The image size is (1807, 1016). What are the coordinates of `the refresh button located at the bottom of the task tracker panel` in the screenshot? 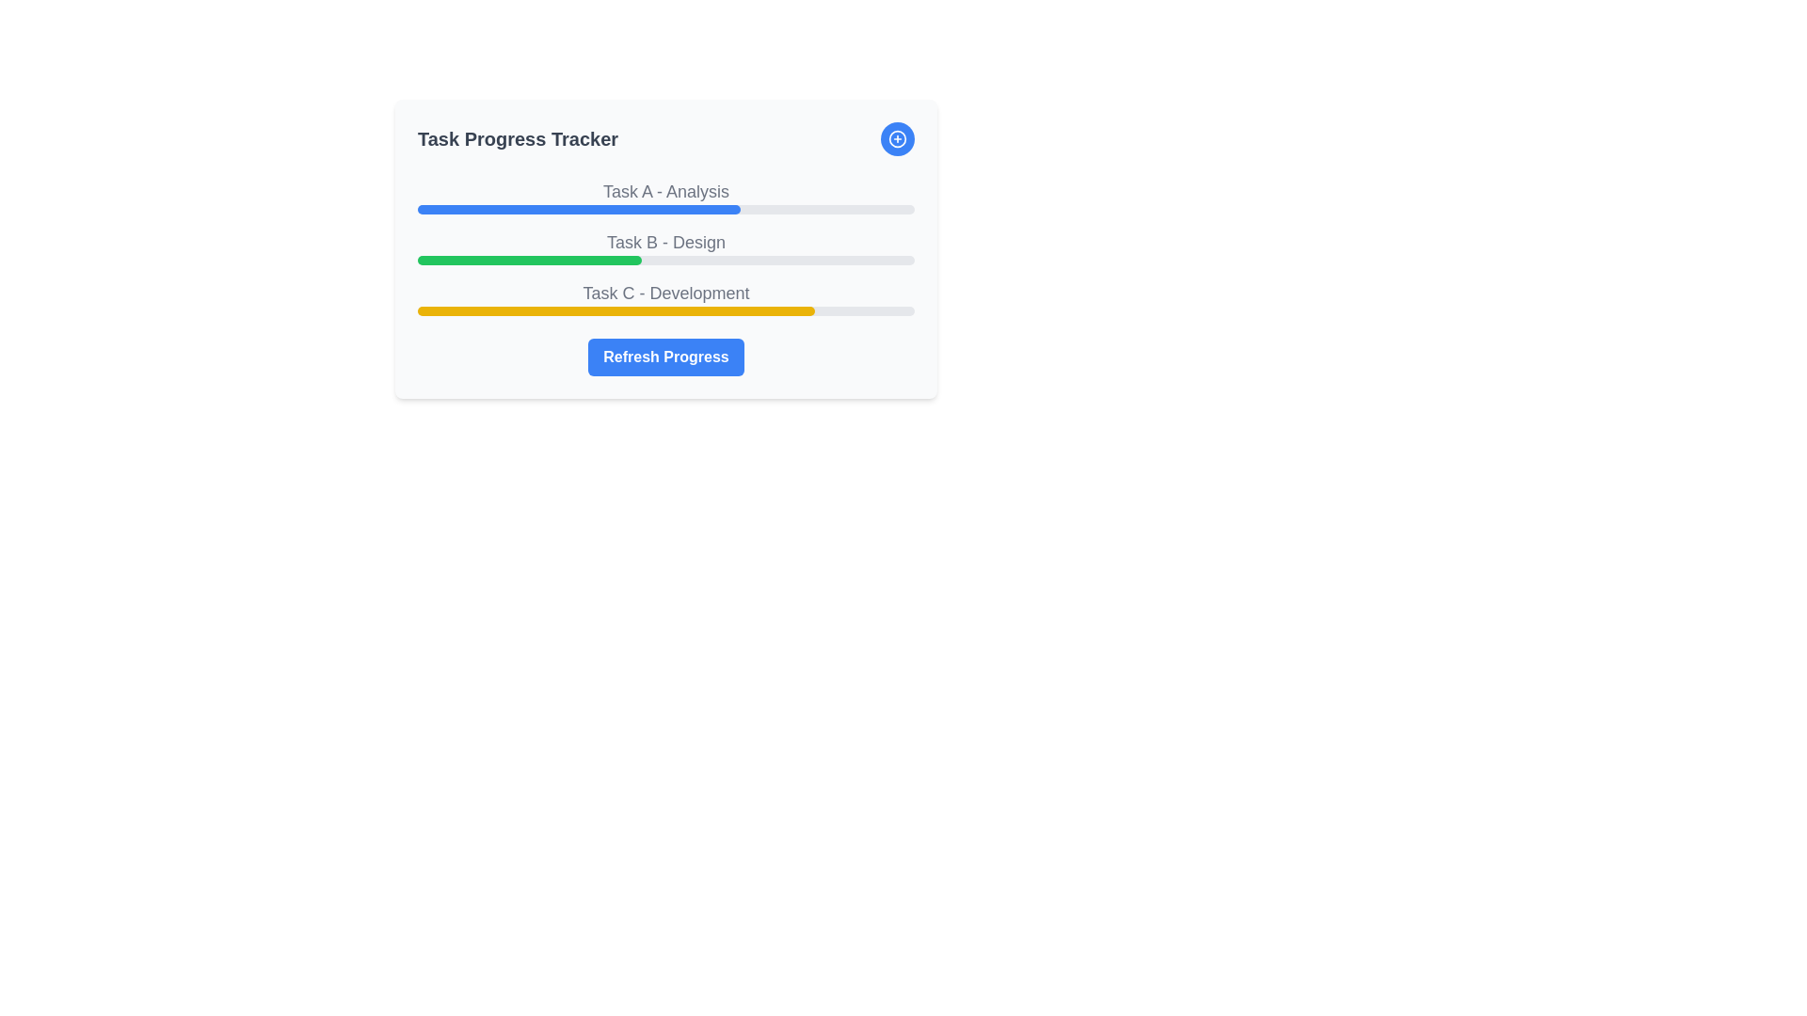 It's located at (666, 357).